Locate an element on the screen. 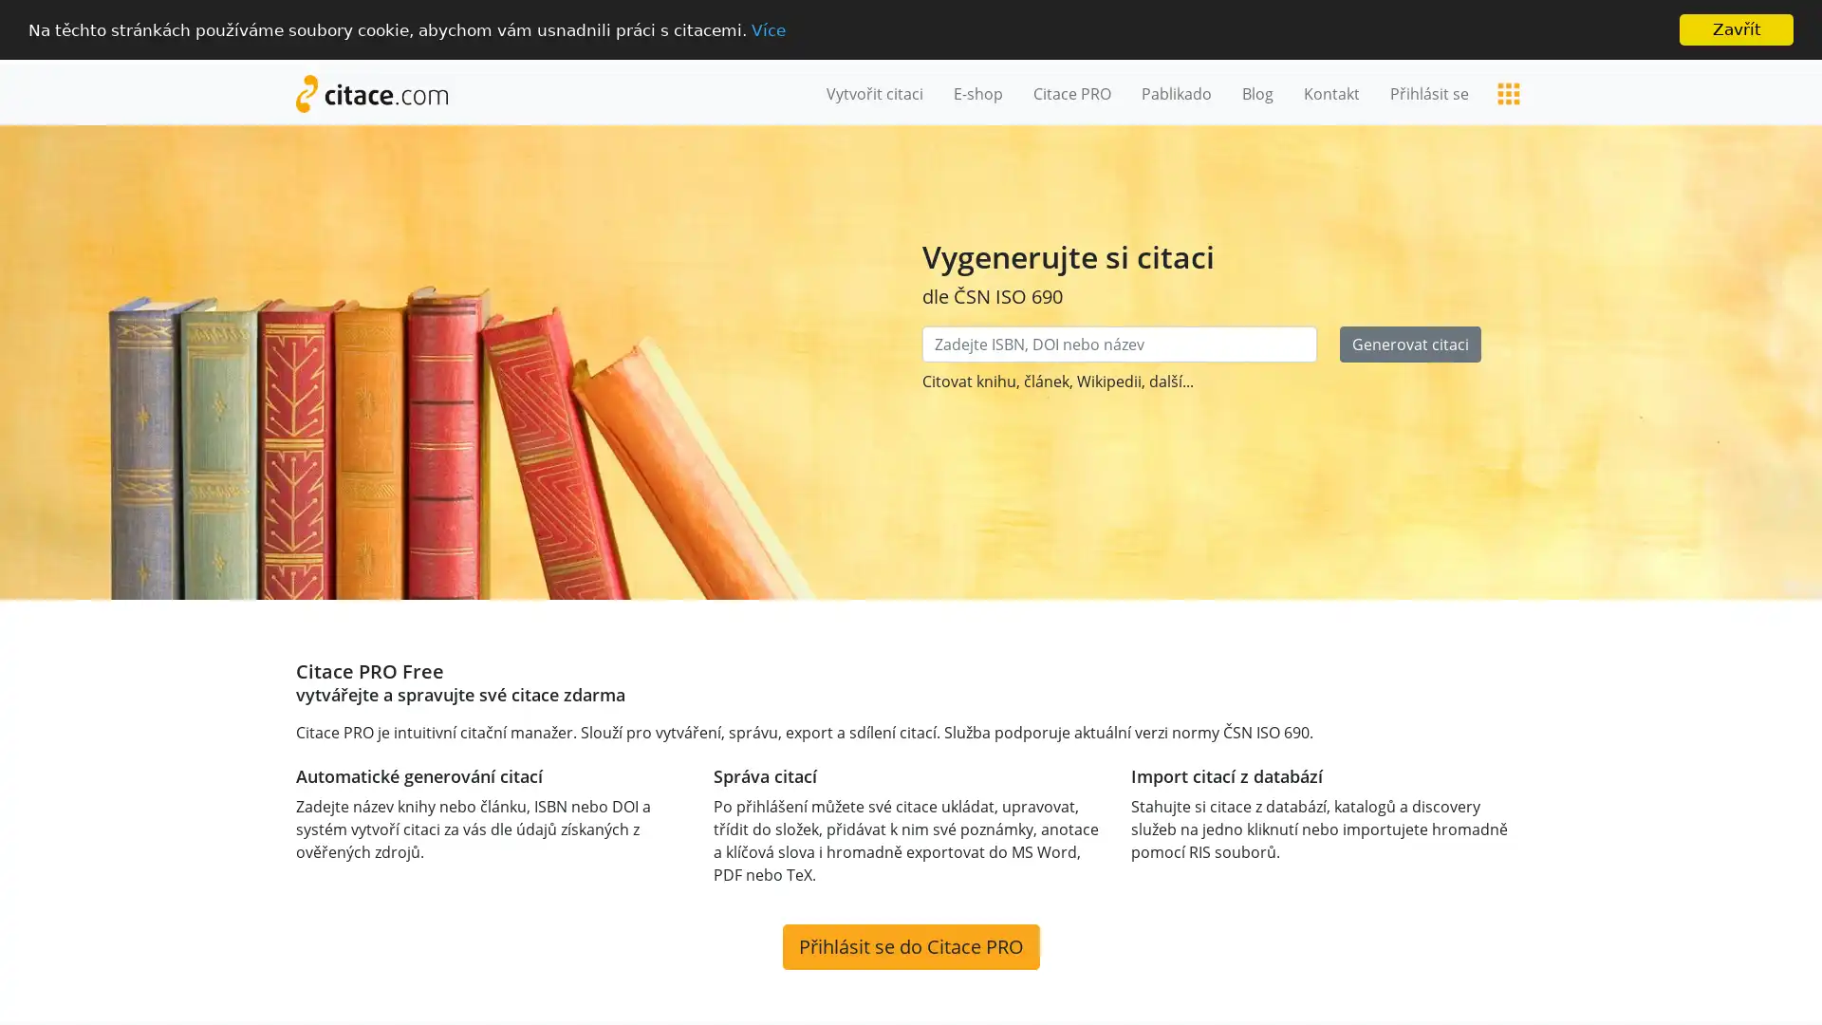 This screenshot has height=1025, width=1822. Generovat citaci is located at coordinates (1410, 344).